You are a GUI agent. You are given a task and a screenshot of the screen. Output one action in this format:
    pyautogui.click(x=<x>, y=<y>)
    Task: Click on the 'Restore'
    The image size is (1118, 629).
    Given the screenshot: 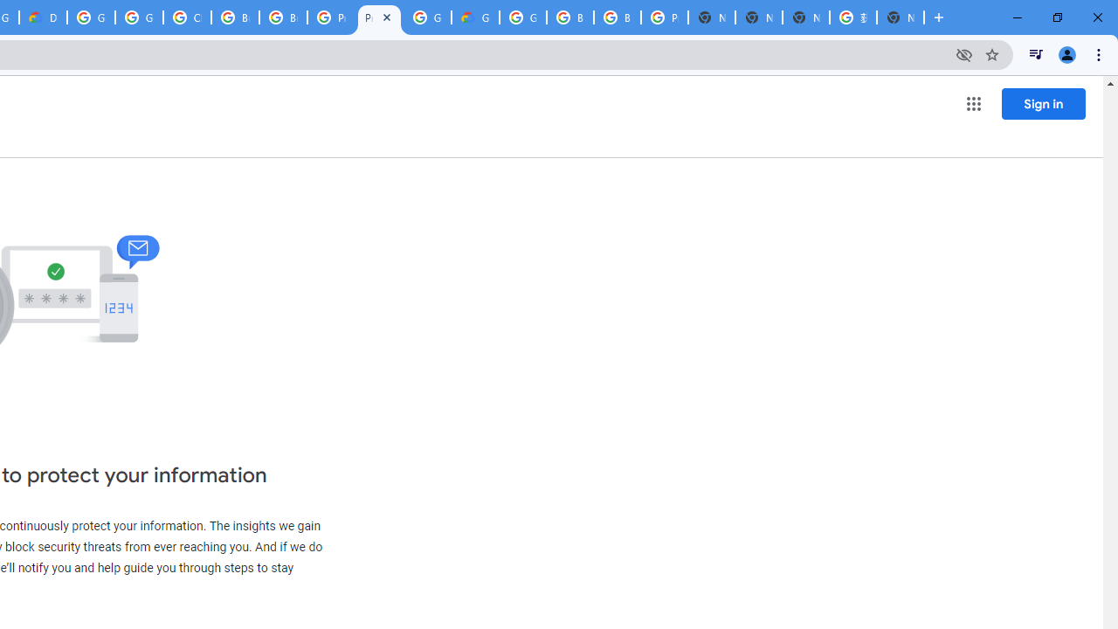 What is the action you would take?
    pyautogui.click(x=1056, y=17)
    